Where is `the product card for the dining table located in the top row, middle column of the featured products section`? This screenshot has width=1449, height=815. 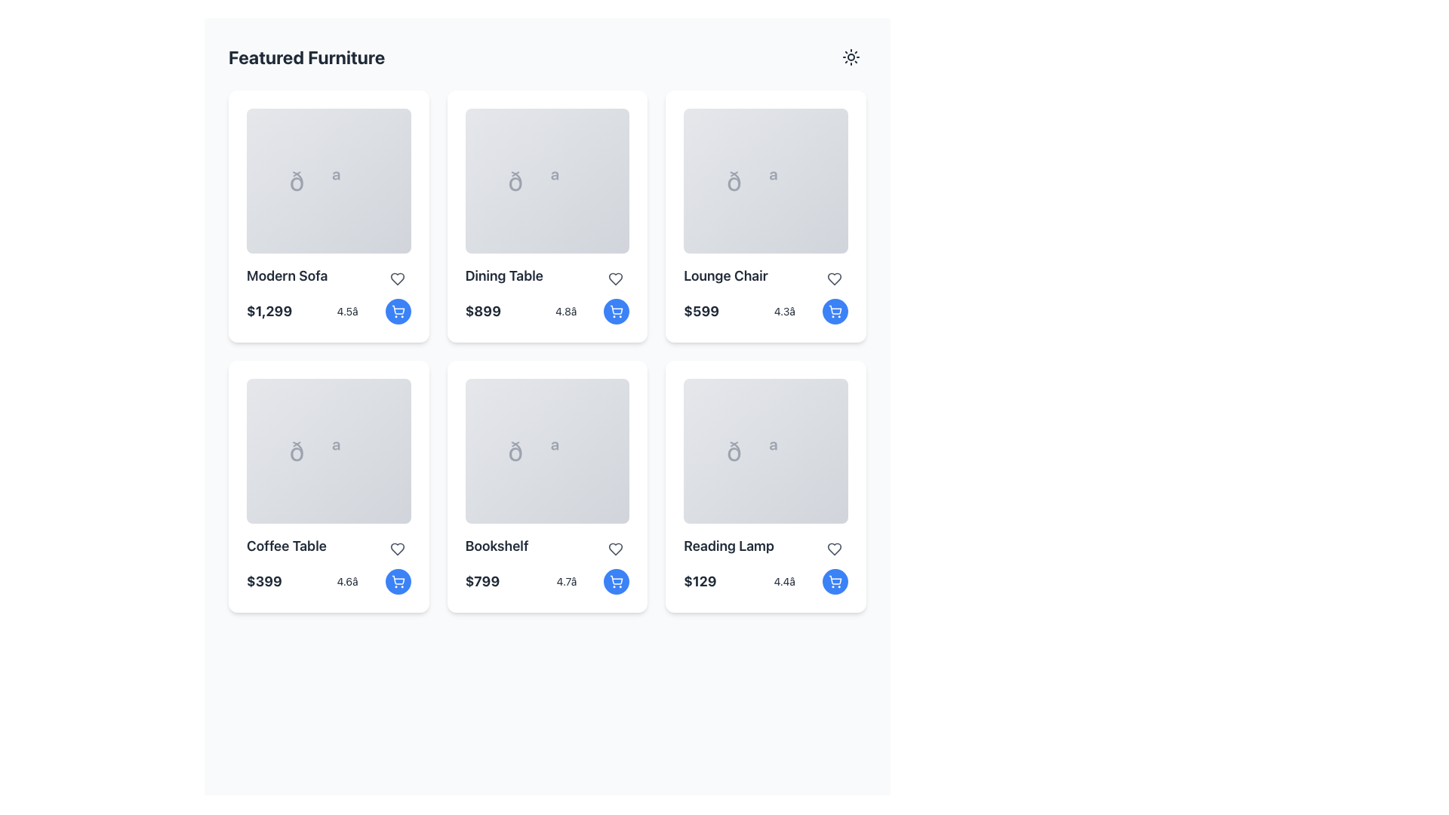
the product card for the dining table located in the top row, middle column of the featured products section is located at coordinates (546, 216).